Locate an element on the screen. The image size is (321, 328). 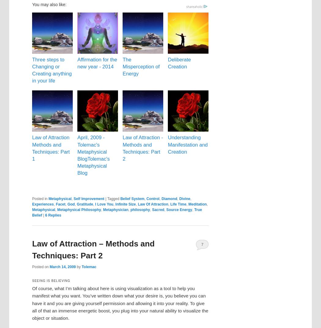
'Gratitude' is located at coordinates (76, 204).